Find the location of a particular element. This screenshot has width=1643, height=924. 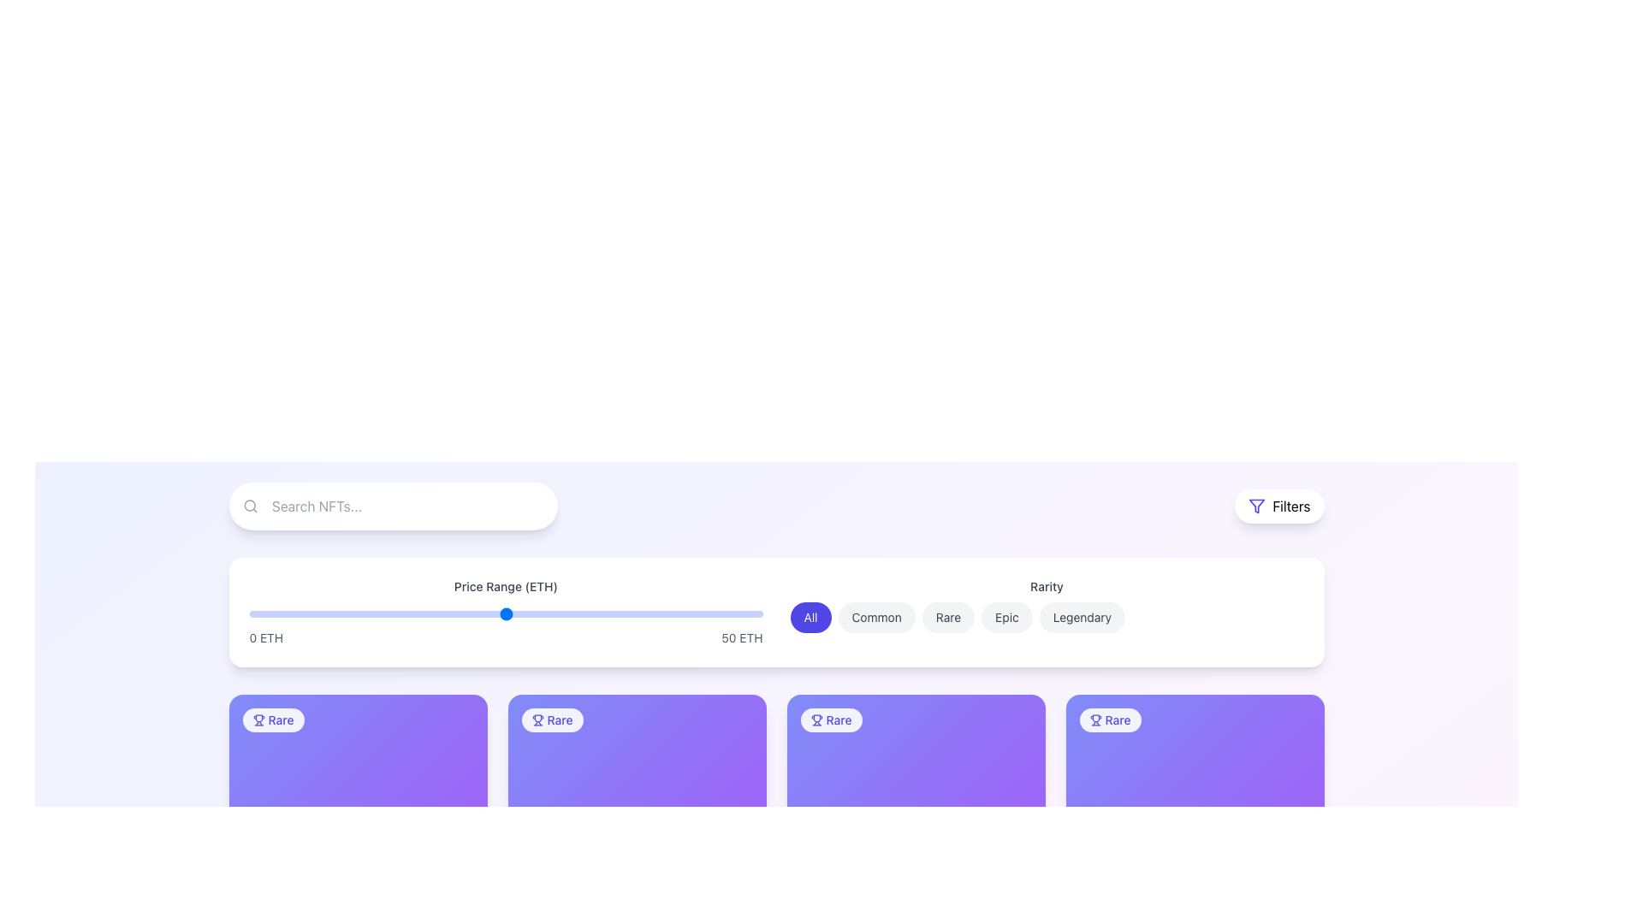

the 'Epic' button, which is a rounded rectangular button with a light gray background located in the top center area of the interface, below the 'Price Range' filter is located at coordinates (1006, 617).